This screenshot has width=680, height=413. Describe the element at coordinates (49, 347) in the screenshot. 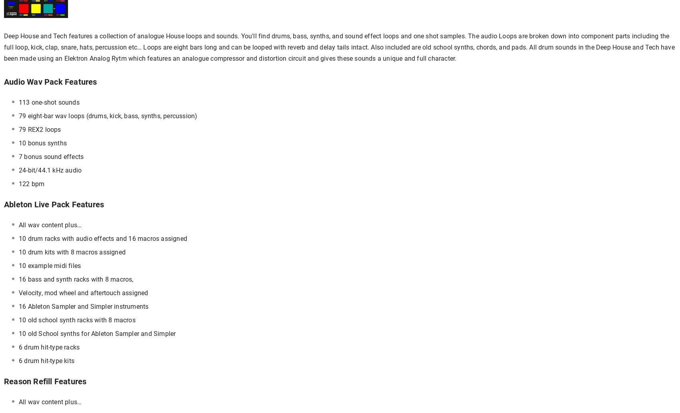

I see `'6 drum hit-type racks'` at that location.